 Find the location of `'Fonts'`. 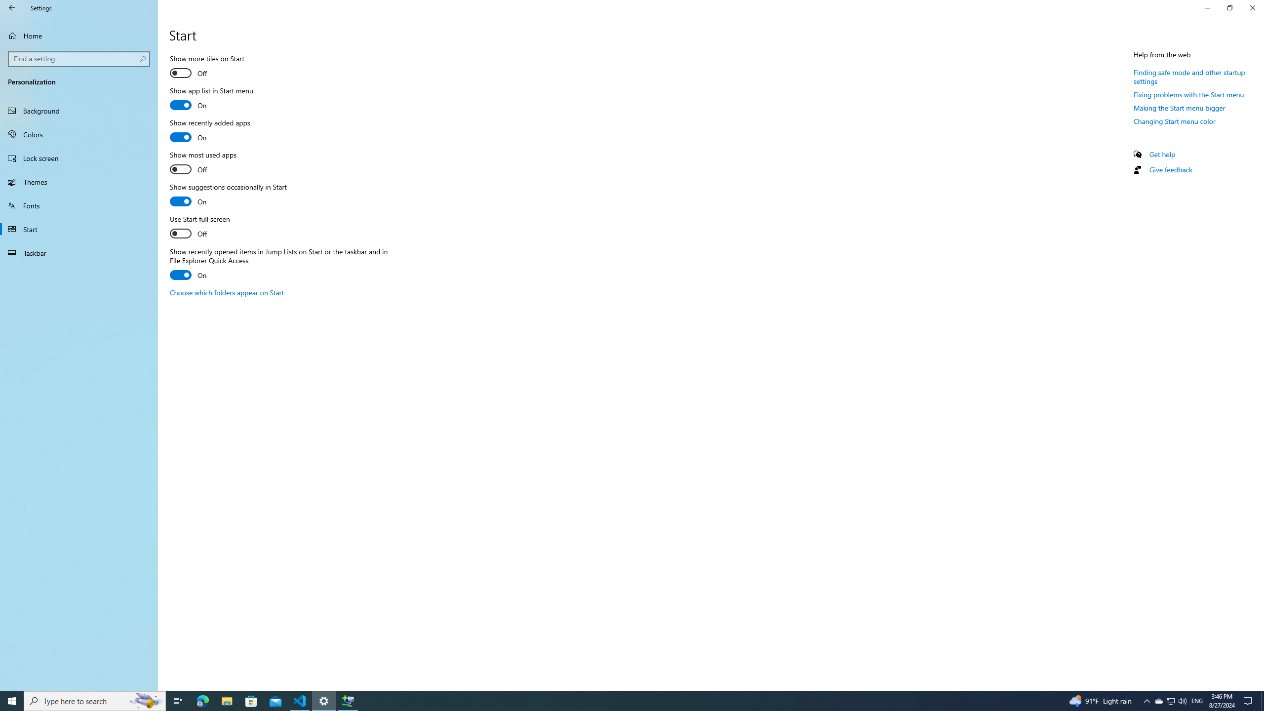

'Fonts' is located at coordinates (79, 205).